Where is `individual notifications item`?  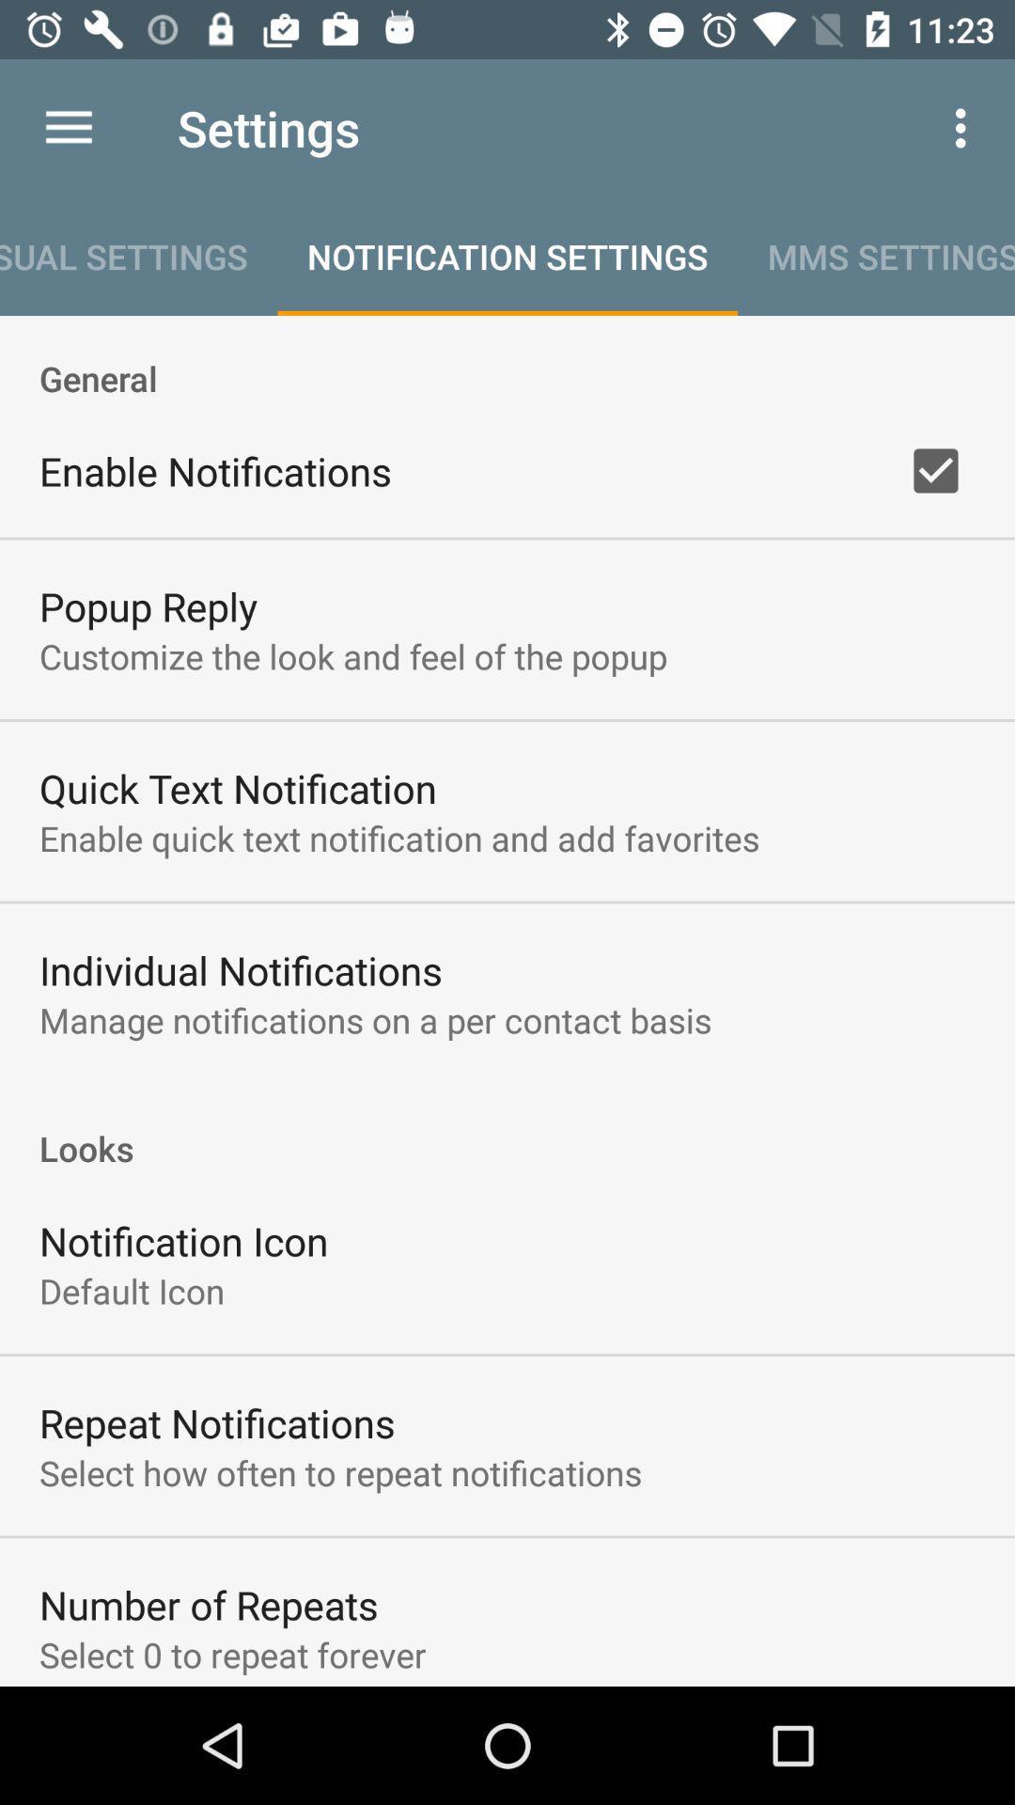
individual notifications item is located at coordinates (240, 970).